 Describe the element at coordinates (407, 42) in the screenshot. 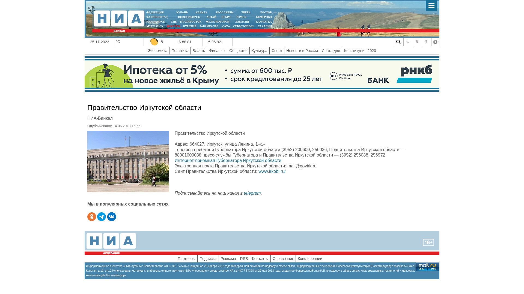

I see `'RSS'` at that location.